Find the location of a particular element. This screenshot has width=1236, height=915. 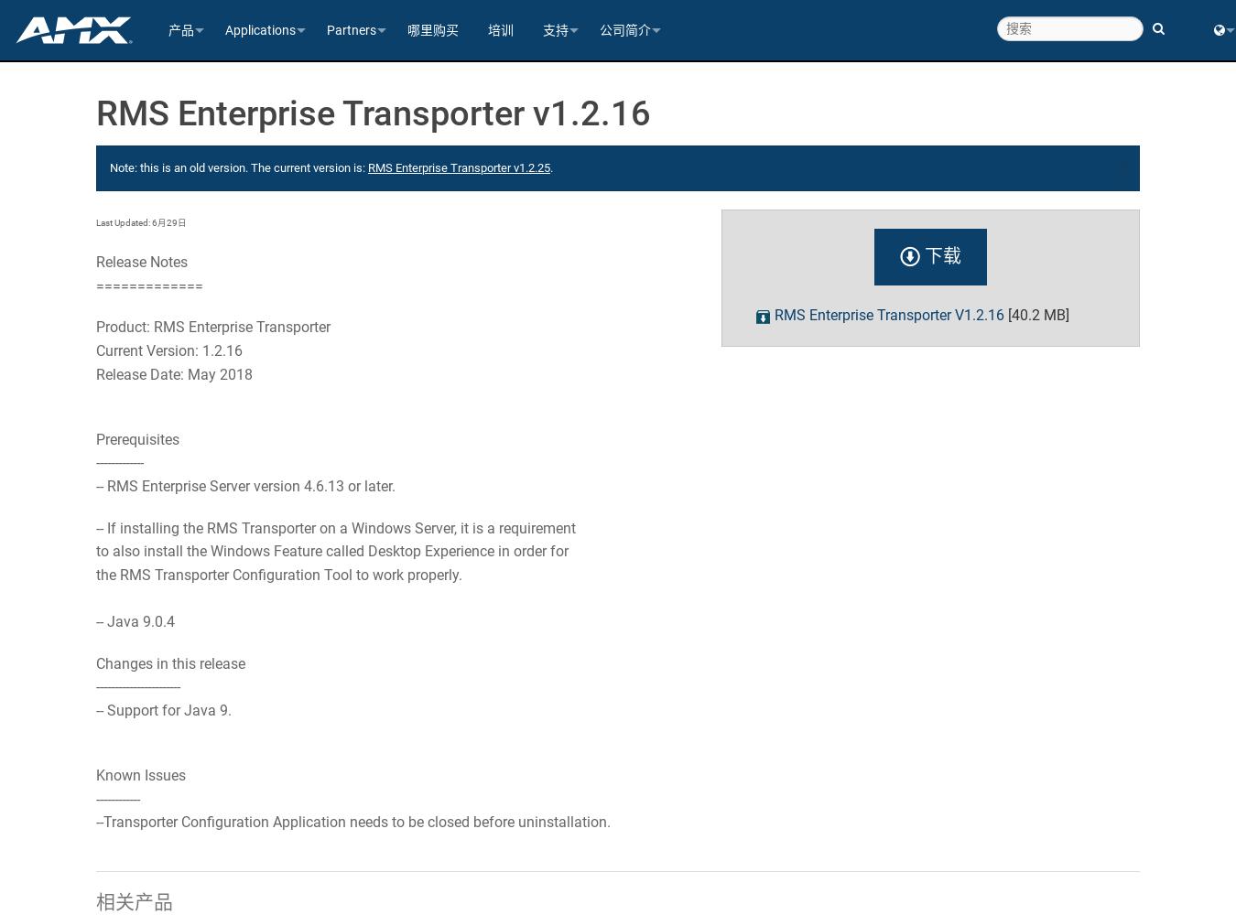

'-- Support for Java 9.' is located at coordinates (164, 709).